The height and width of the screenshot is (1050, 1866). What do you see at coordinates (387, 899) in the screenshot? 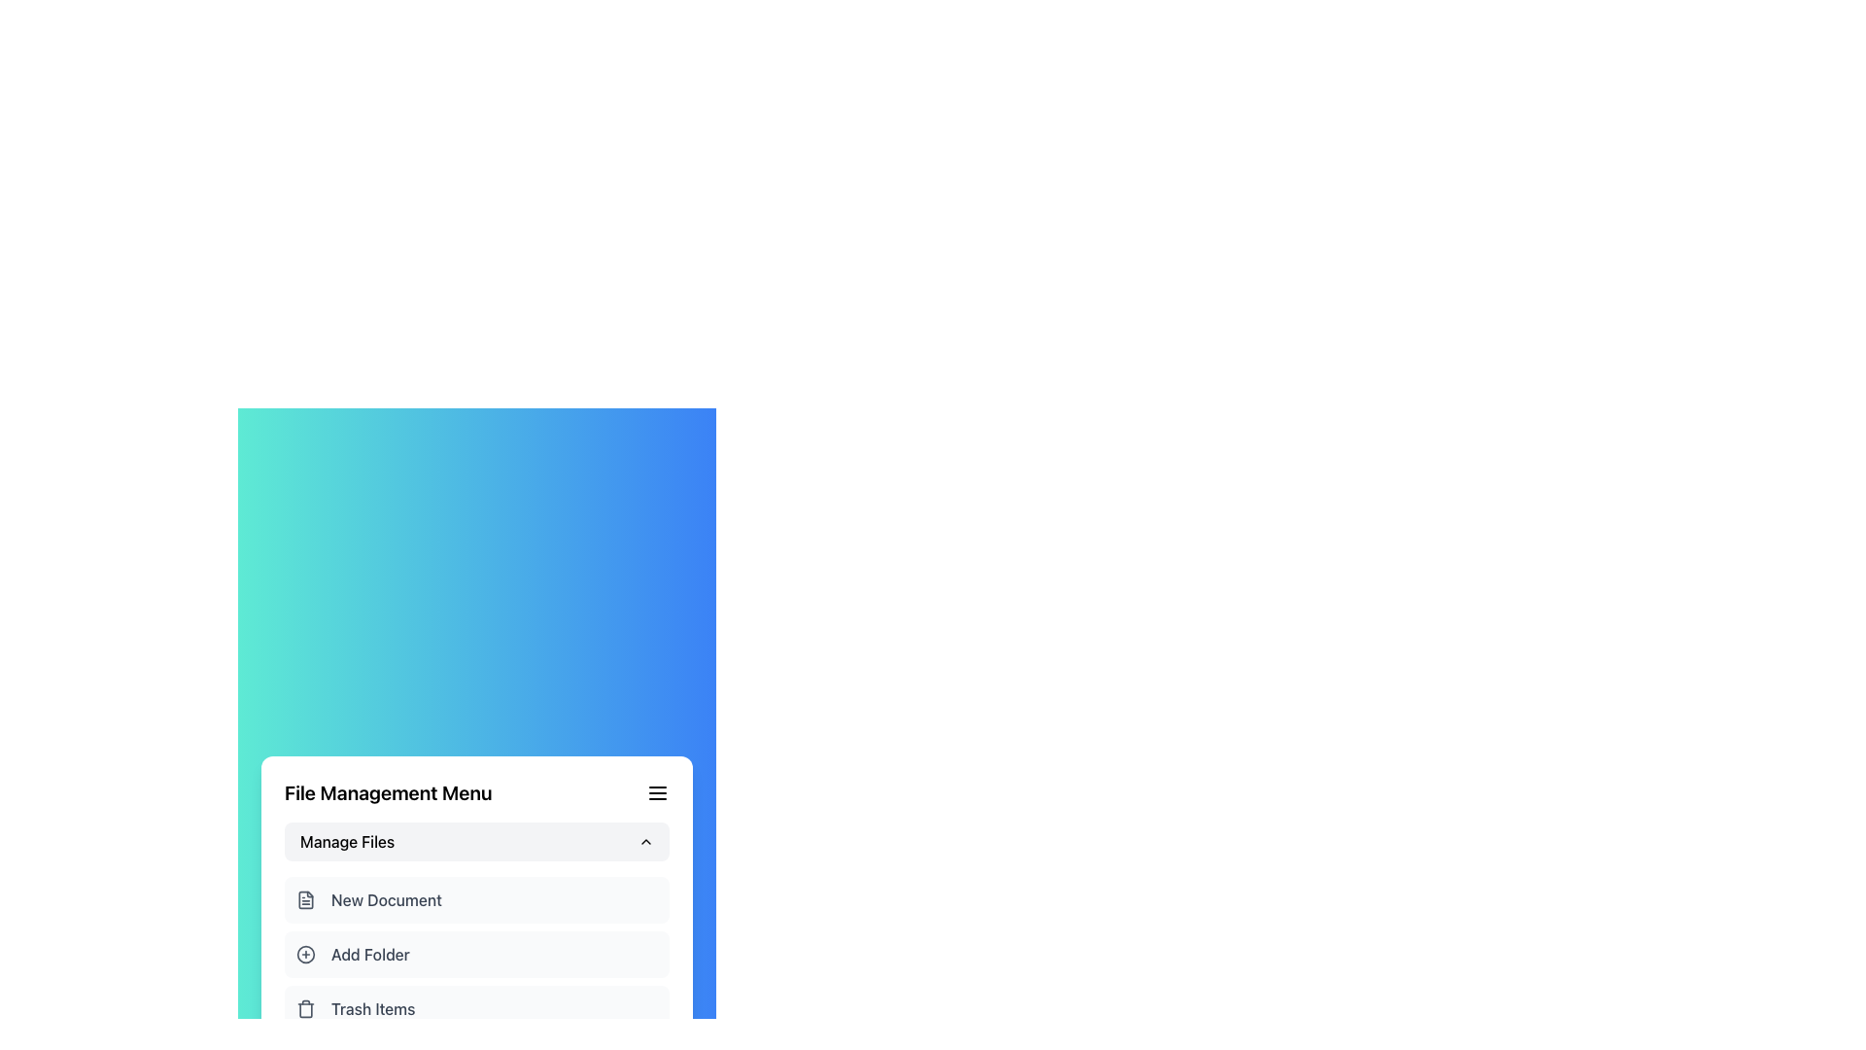
I see `the 'New Document' text label` at bounding box center [387, 899].